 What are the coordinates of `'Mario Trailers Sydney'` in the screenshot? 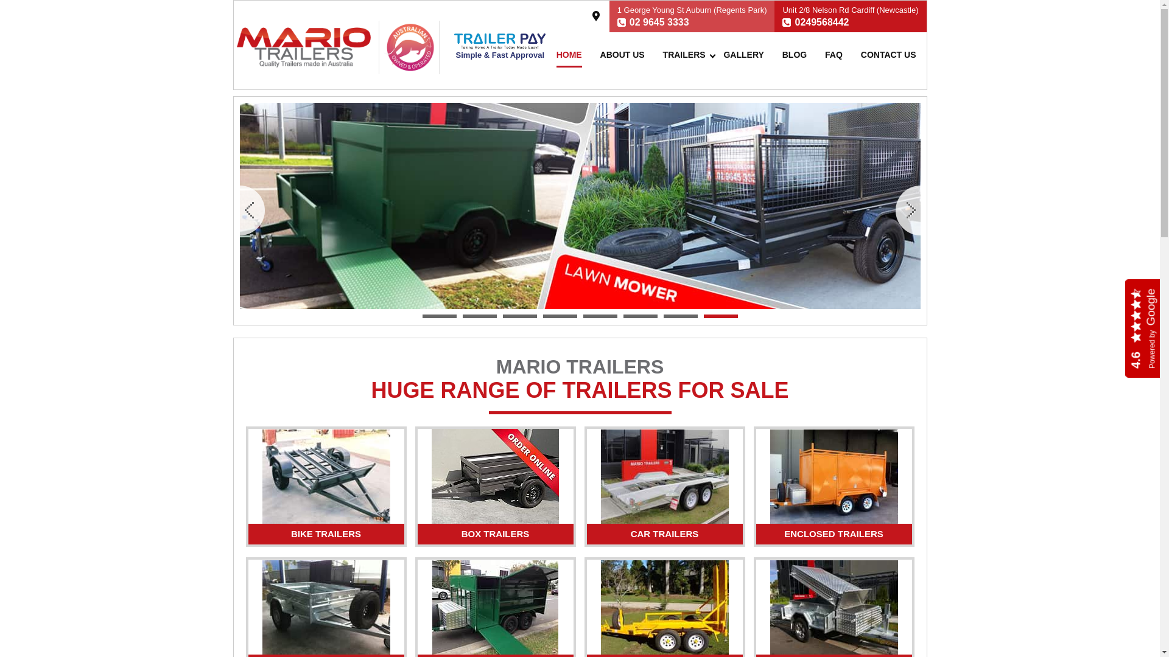 It's located at (236, 46).